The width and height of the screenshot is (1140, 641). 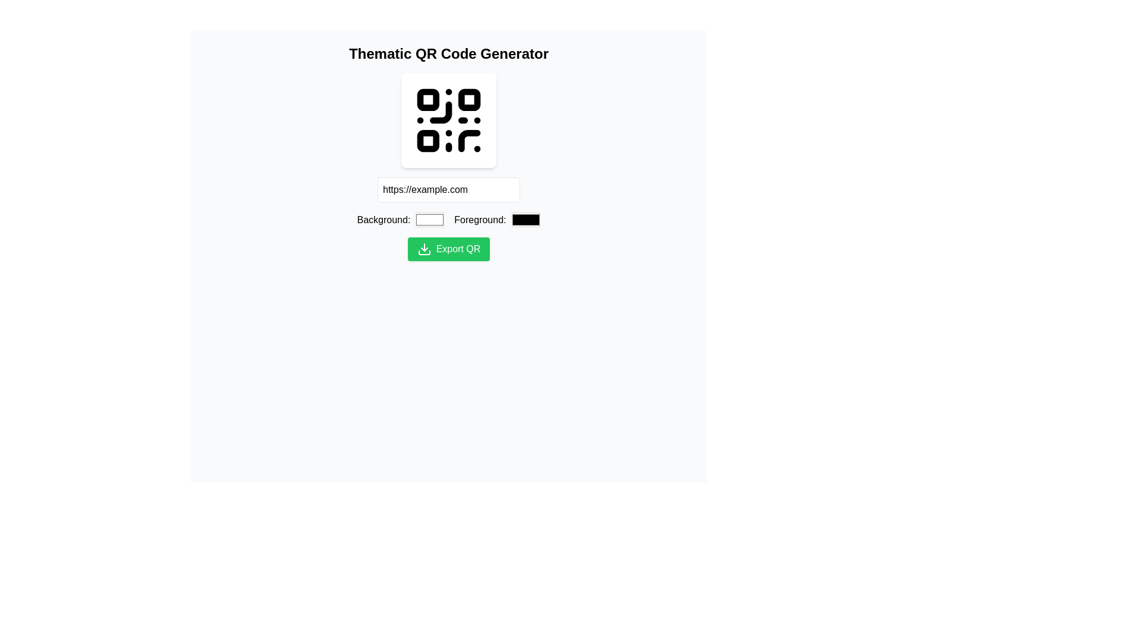 What do you see at coordinates (480, 220) in the screenshot?
I see `the text label displaying 'Foreground:' which is located to the left of the color picker and to the right of the 'Background' text field` at bounding box center [480, 220].